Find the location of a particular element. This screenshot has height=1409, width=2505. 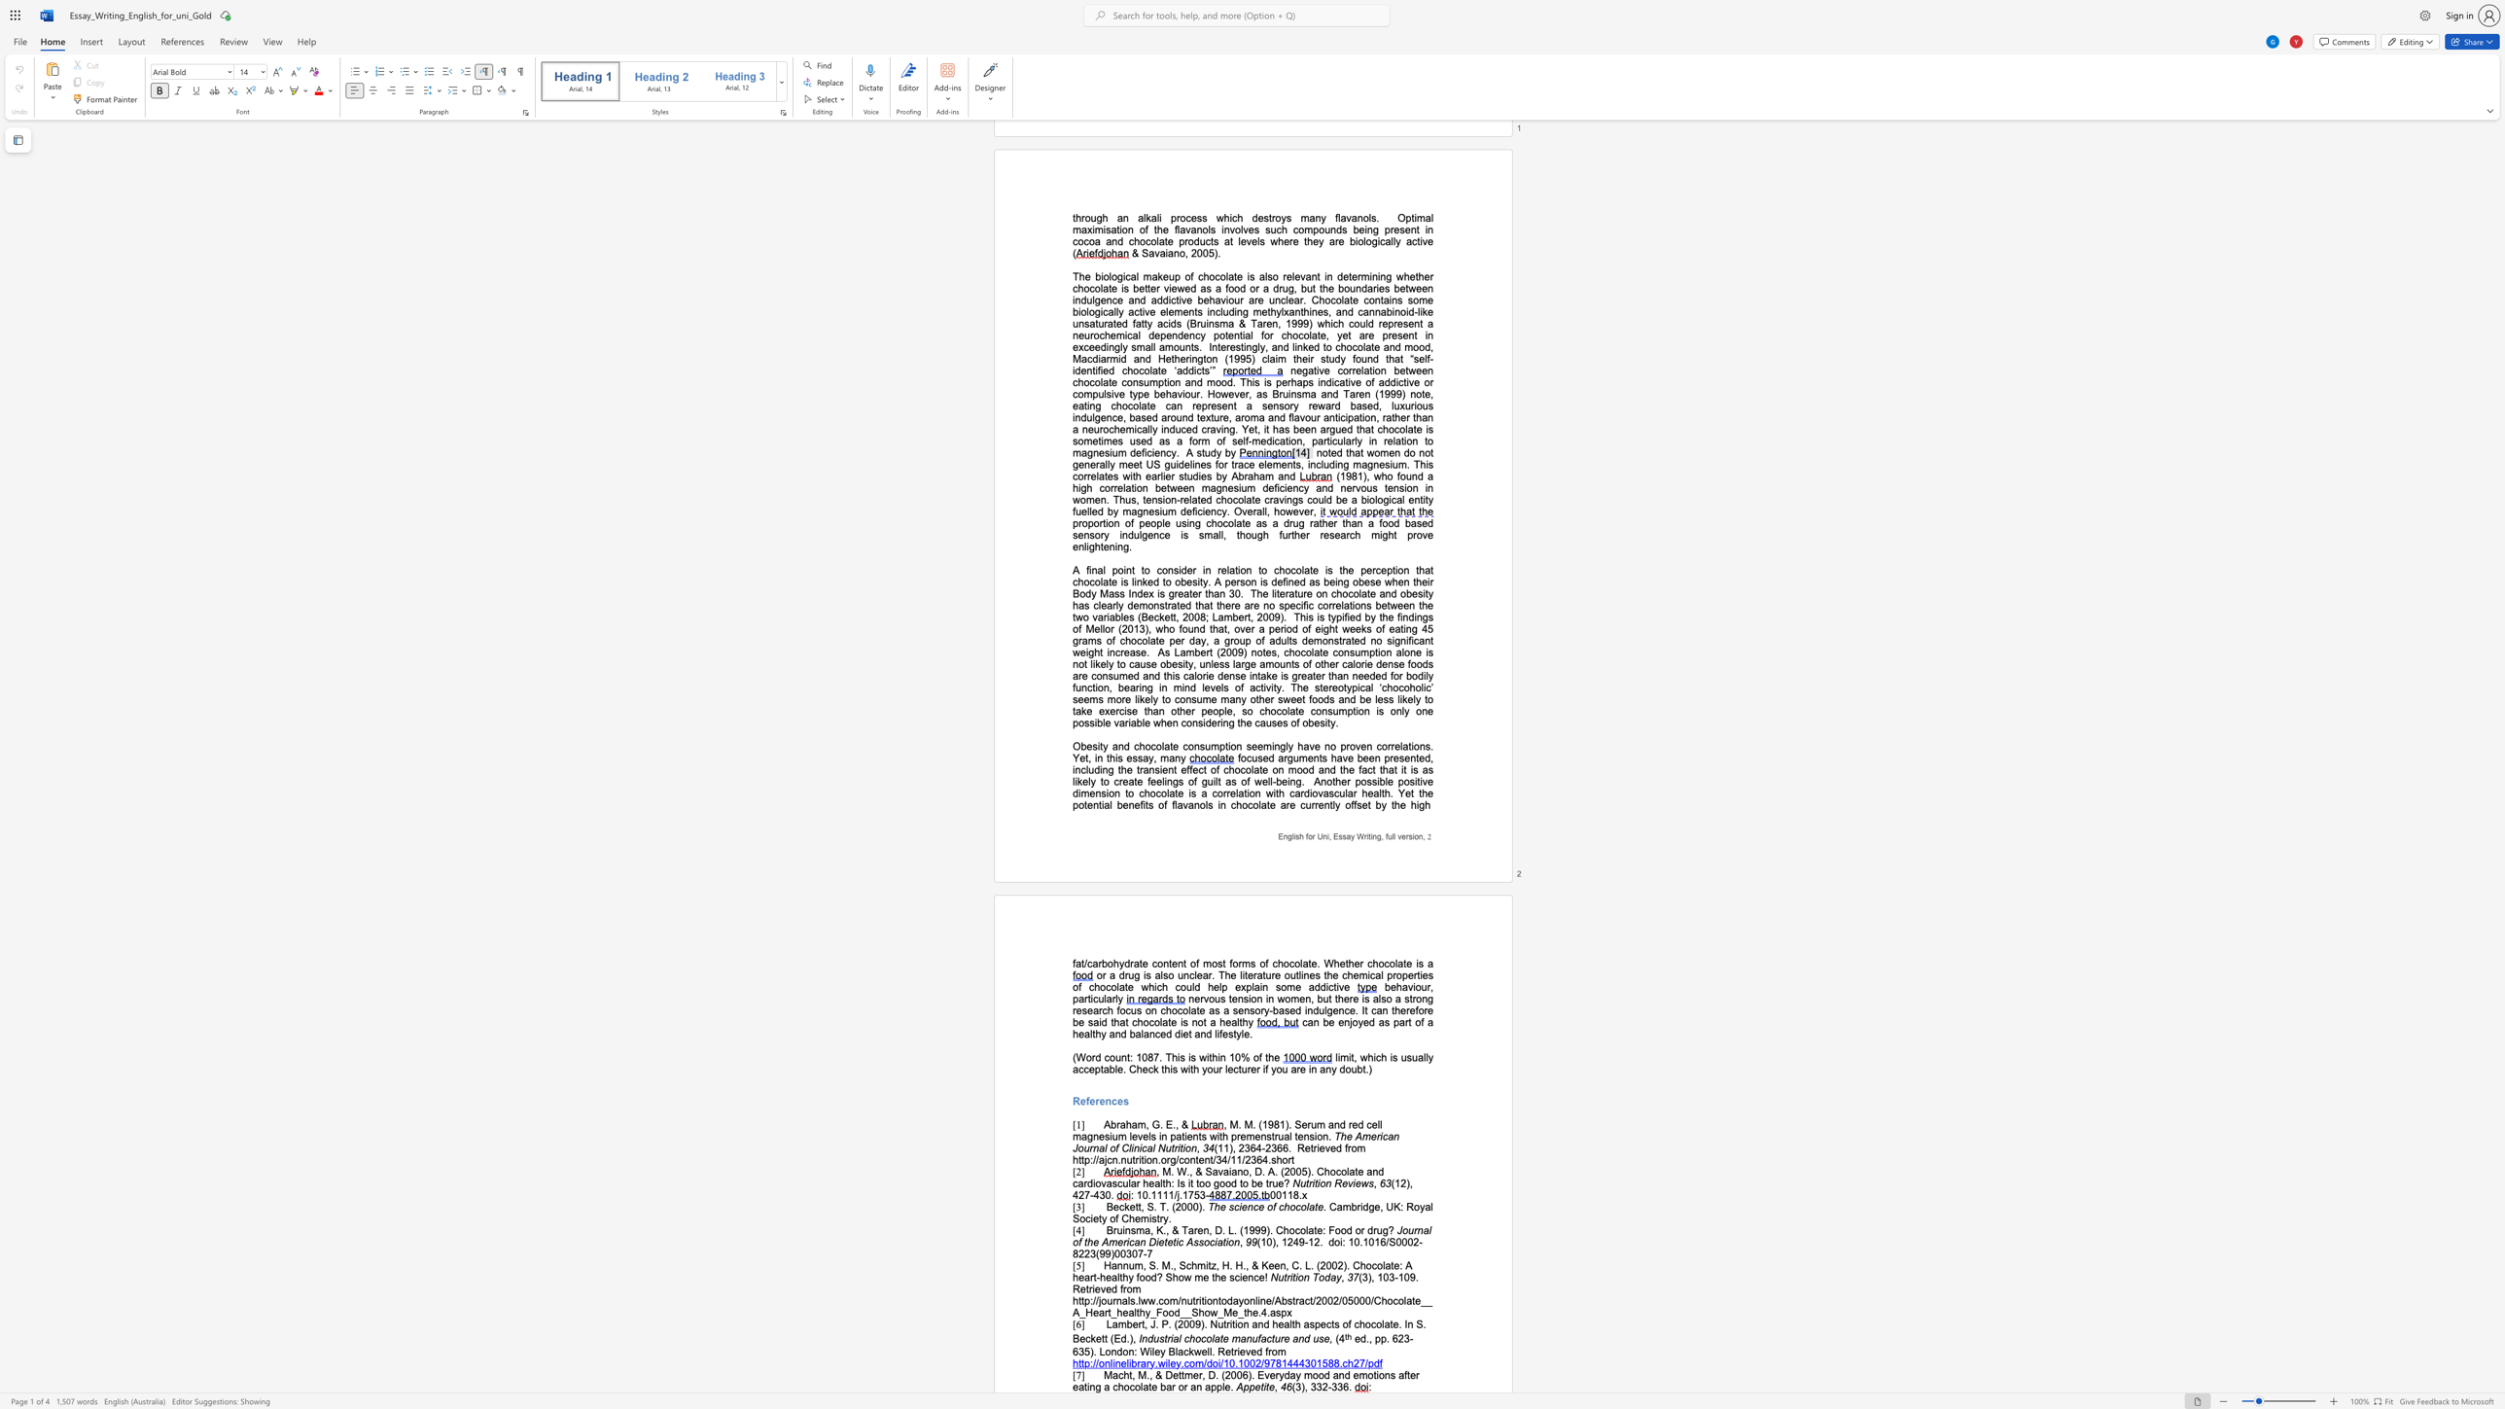

the subset text "332-33" within the text "(3), 332-336." is located at coordinates (1309, 1387).